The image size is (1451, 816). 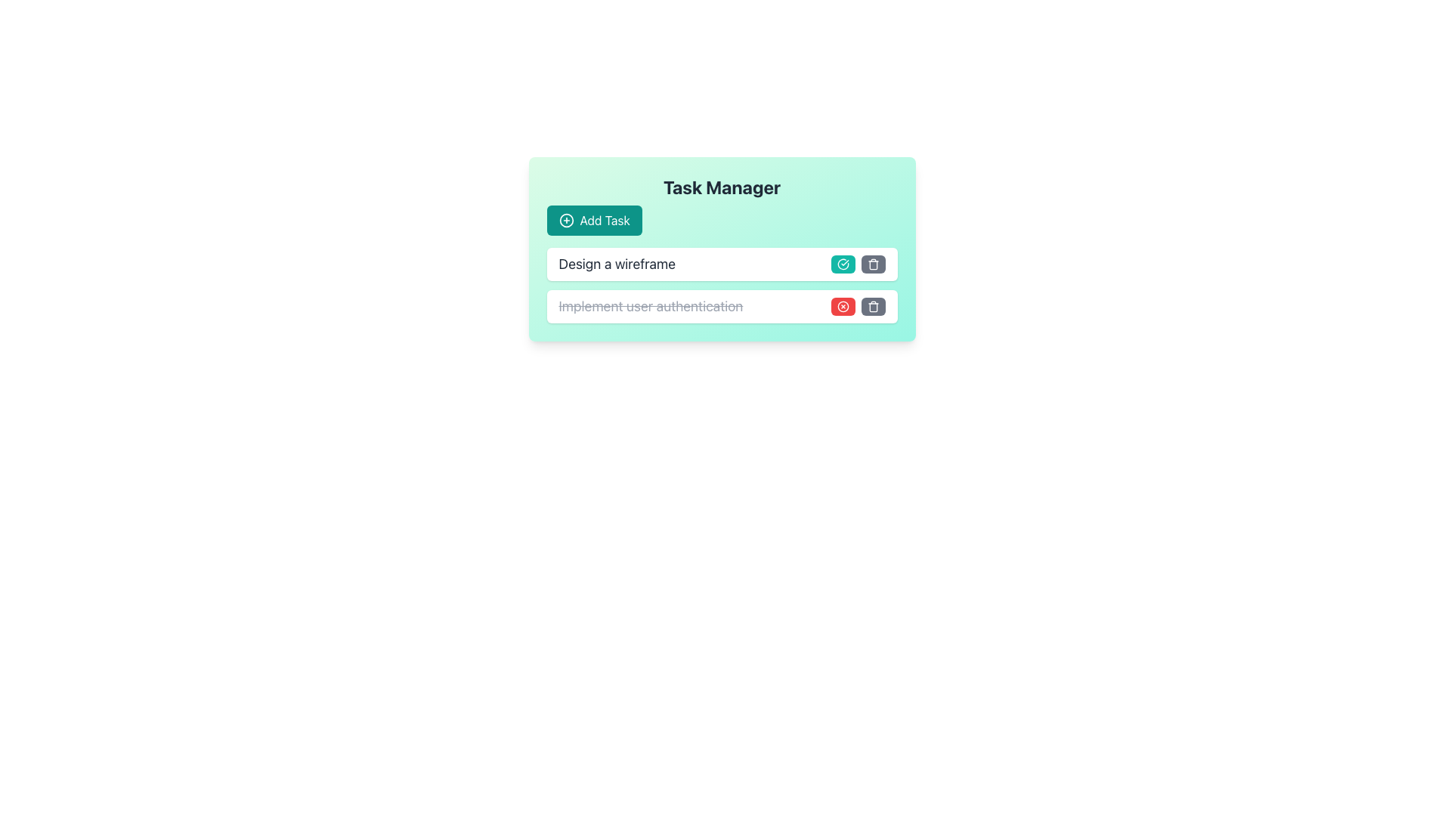 I want to click on the vertical rectangle that forms the main part of the trash bin icon, located at the far right of the 'Design a Wireframe' task row, so click(x=873, y=264).